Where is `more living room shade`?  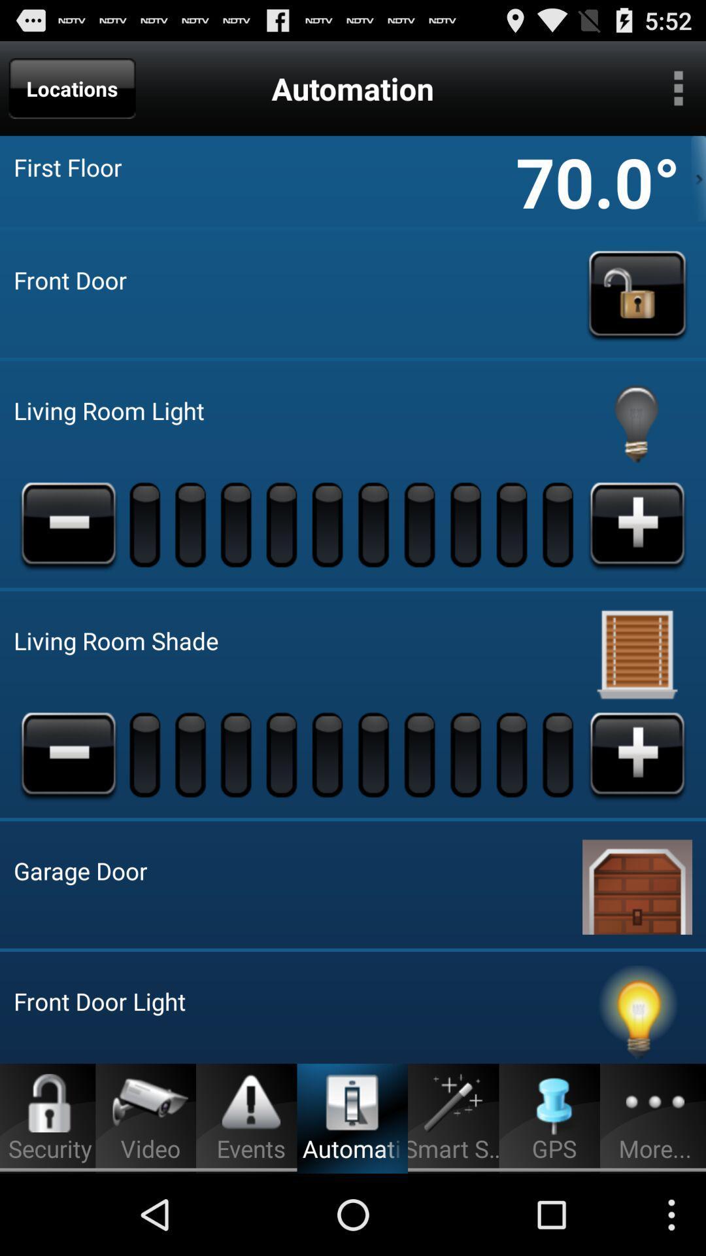 more living room shade is located at coordinates (637, 754).